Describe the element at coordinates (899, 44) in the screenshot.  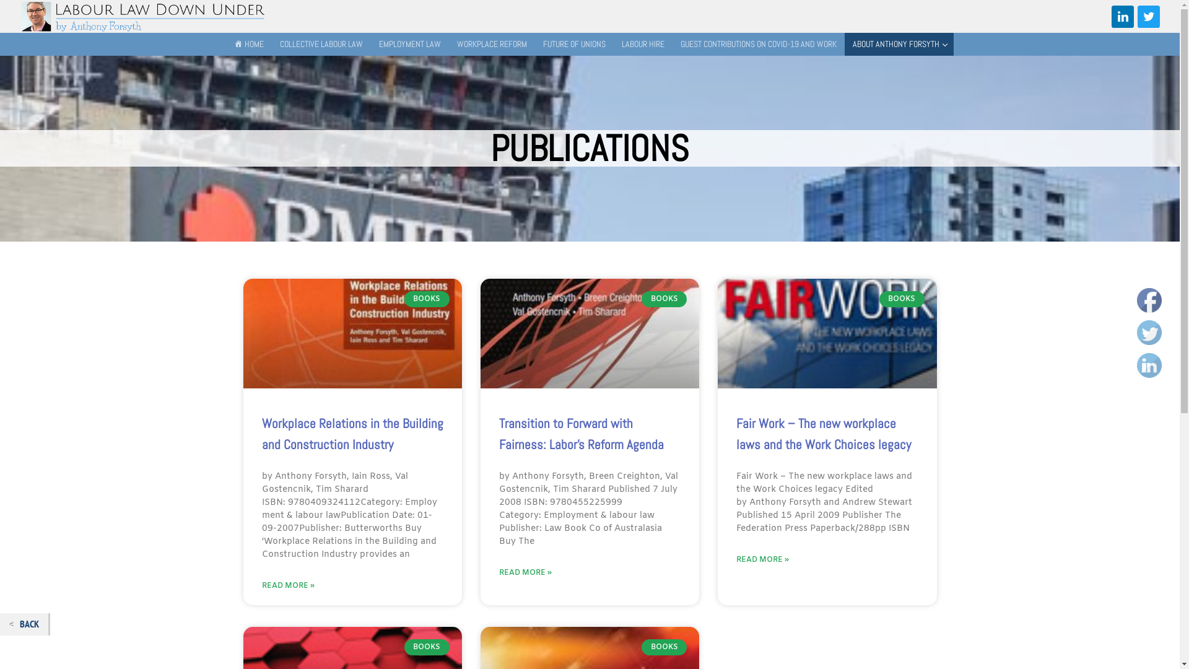
I see `'ABOUT ANTHONY FORSYTH` at that location.